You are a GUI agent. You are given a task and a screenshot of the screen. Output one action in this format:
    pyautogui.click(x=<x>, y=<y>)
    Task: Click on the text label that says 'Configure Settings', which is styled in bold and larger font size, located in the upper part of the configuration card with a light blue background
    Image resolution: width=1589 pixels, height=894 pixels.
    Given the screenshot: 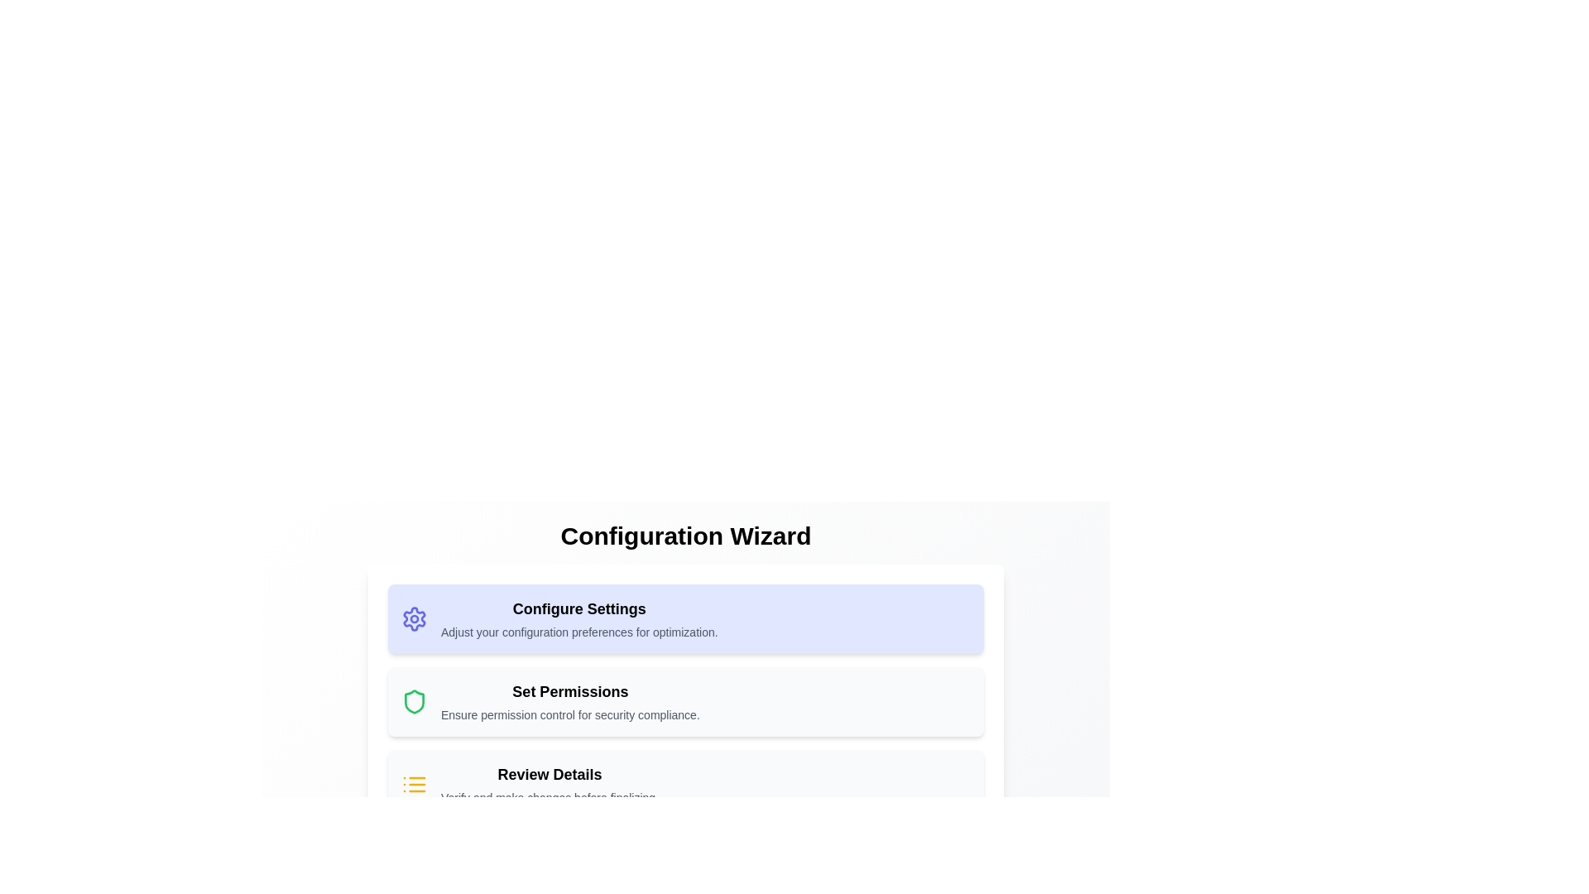 What is the action you would take?
    pyautogui.click(x=579, y=609)
    